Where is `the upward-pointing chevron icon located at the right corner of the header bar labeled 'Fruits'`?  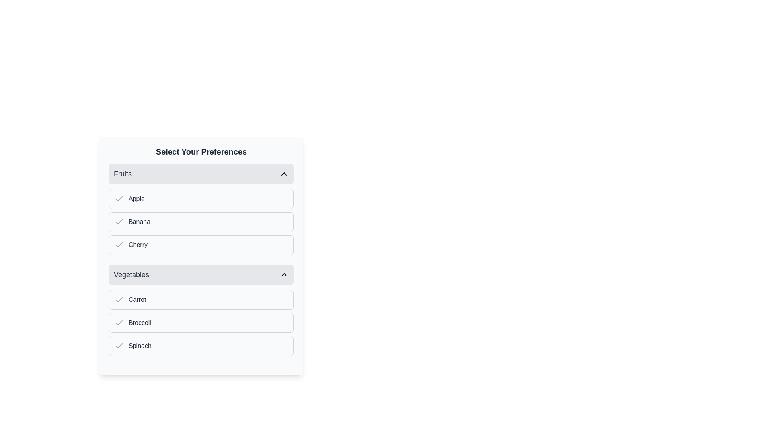 the upward-pointing chevron icon located at the right corner of the header bar labeled 'Fruits' is located at coordinates (284, 174).